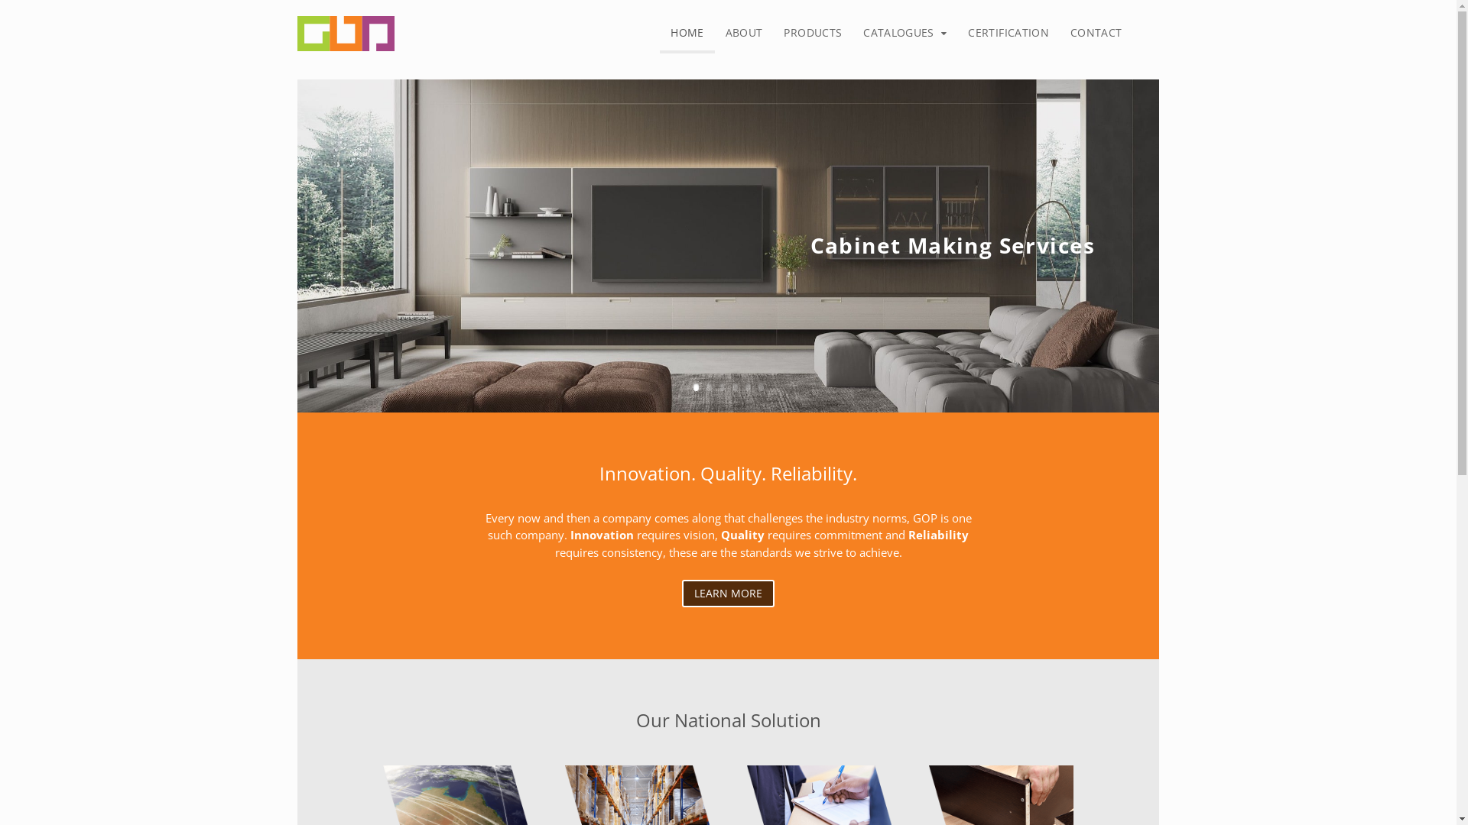 The width and height of the screenshot is (1468, 825). I want to click on 'PRODUCTS', so click(811, 33).